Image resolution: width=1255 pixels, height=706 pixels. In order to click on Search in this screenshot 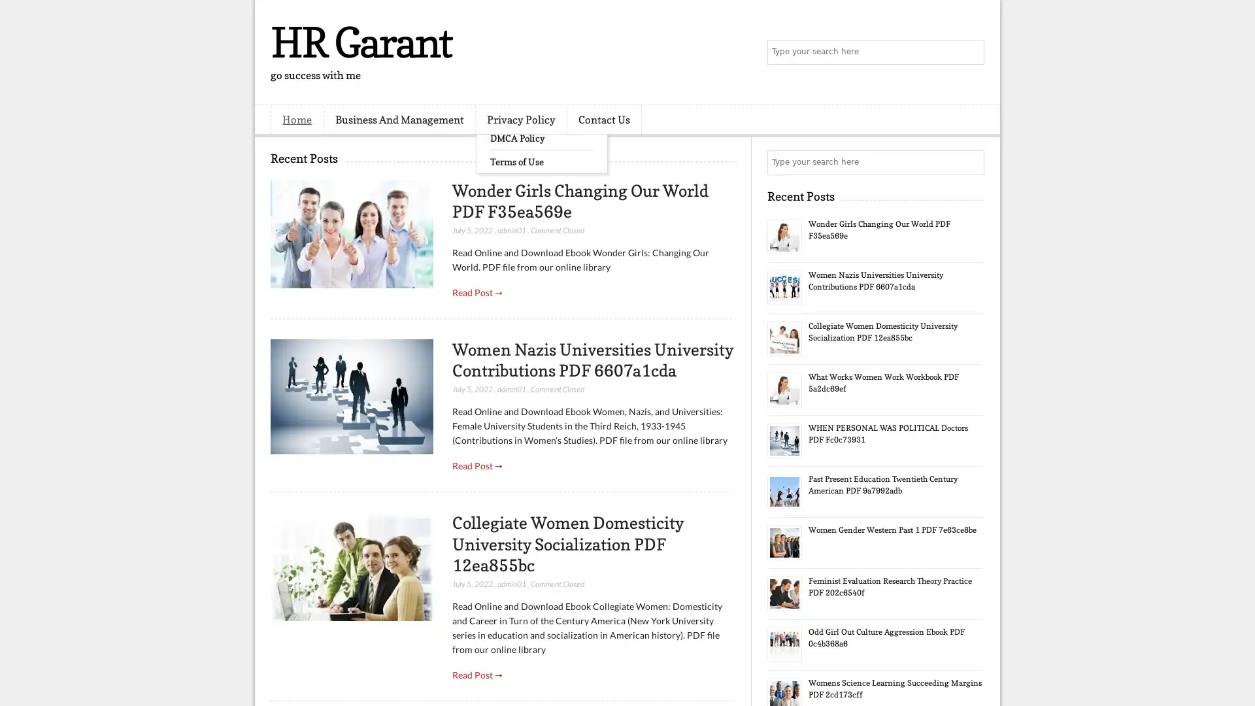, I will do `click(971, 52)`.